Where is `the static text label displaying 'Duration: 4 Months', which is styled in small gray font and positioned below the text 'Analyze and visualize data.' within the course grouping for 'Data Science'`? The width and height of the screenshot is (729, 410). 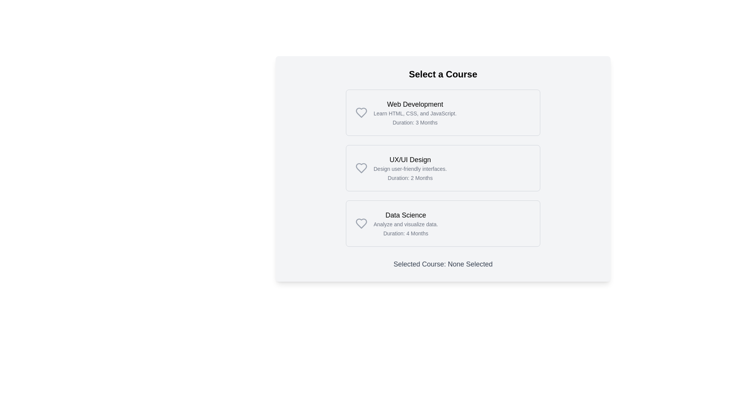 the static text label displaying 'Duration: 4 Months', which is styled in small gray font and positioned below the text 'Analyze and visualize data.' within the course grouping for 'Data Science' is located at coordinates (405, 233).